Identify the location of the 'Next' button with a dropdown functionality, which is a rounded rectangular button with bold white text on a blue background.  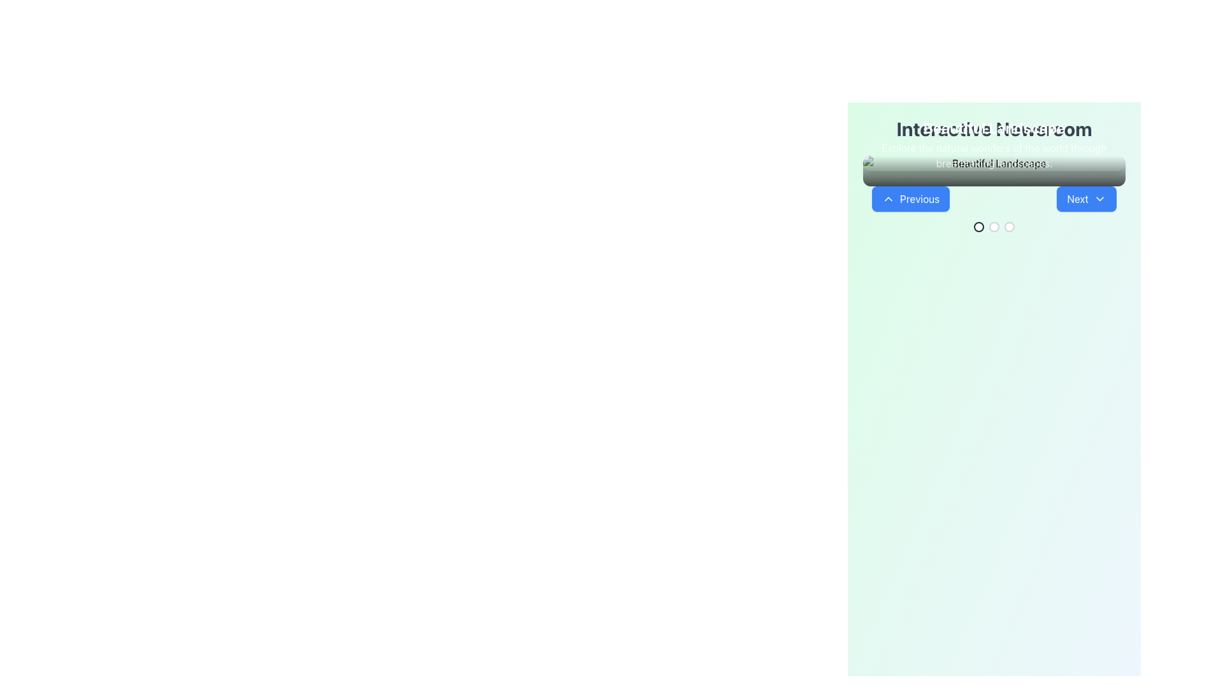
(1086, 198).